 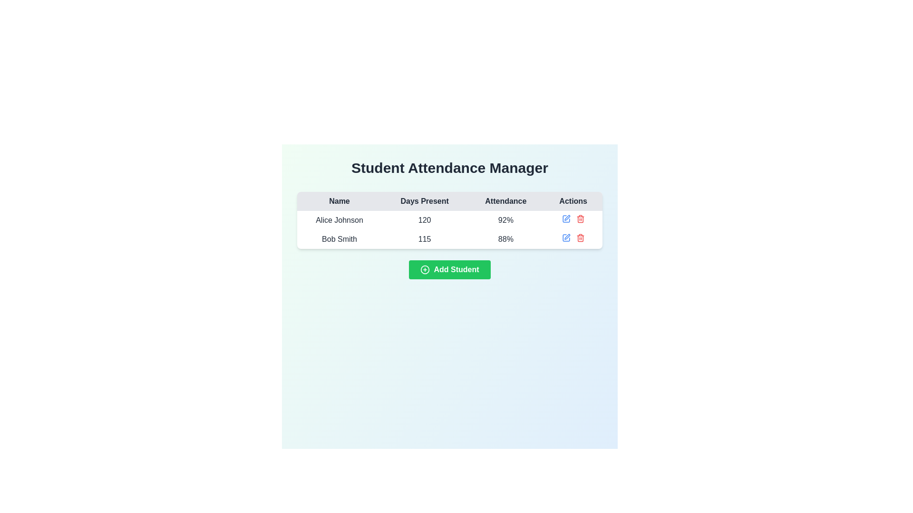 What do you see at coordinates (340, 239) in the screenshot?
I see `the text label displaying the name of an individual in the second row of the attendance record system, located in the 'Name' column, following 'Alice Johnson'` at bounding box center [340, 239].